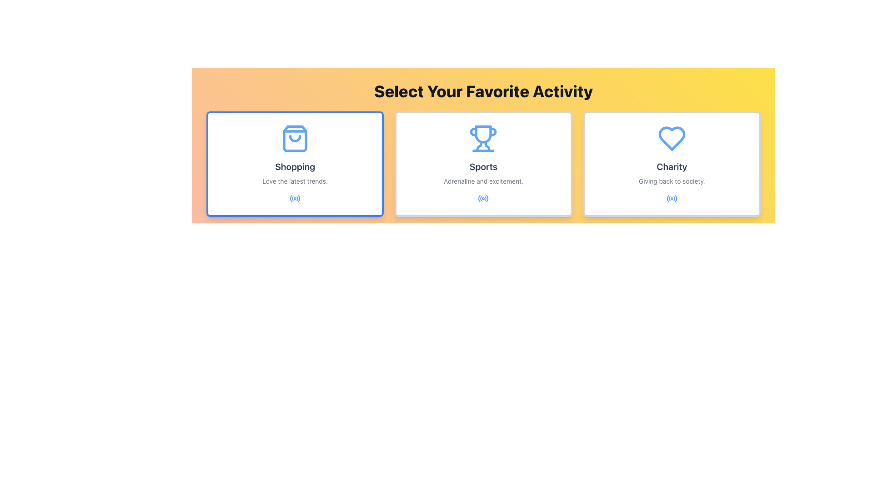  What do you see at coordinates (672, 138) in the screenshot?
I see `the heart icon representing 'Charity' located centrally within the third card titled 'Charity' in the group of three cards` at bounding box center [672, 138].